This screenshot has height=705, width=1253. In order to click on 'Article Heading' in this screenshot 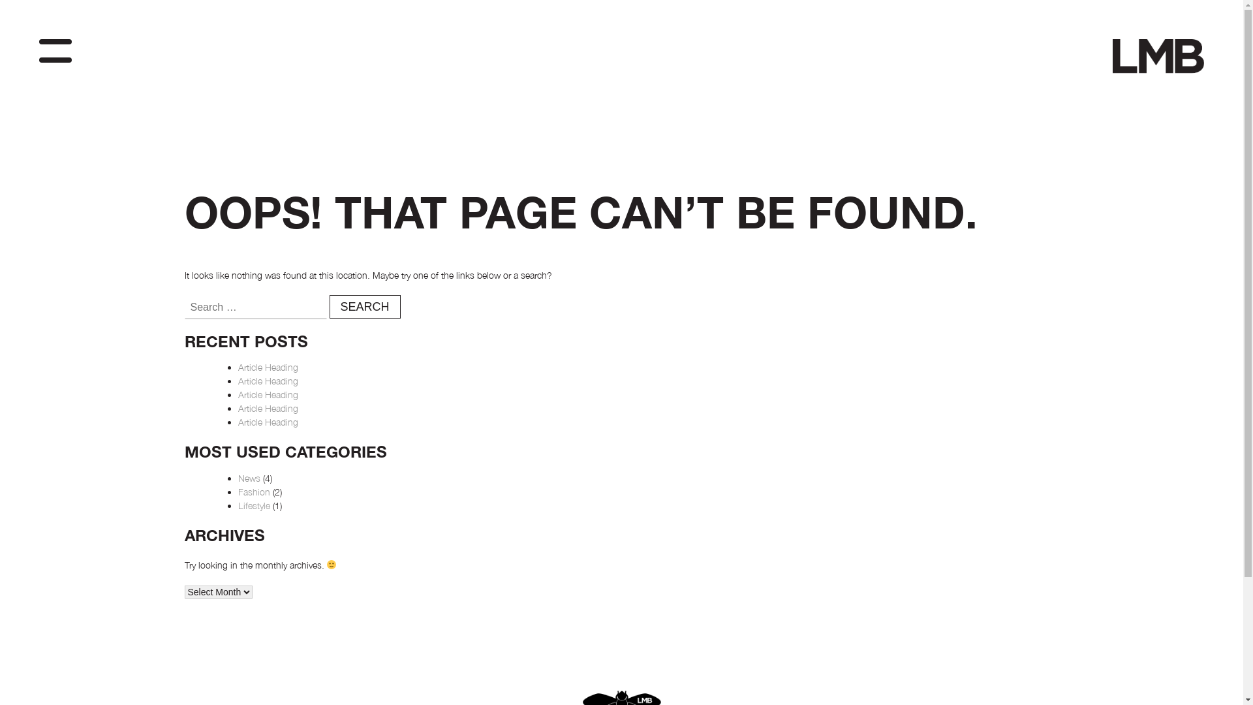, I will do `click(238, 367)`.